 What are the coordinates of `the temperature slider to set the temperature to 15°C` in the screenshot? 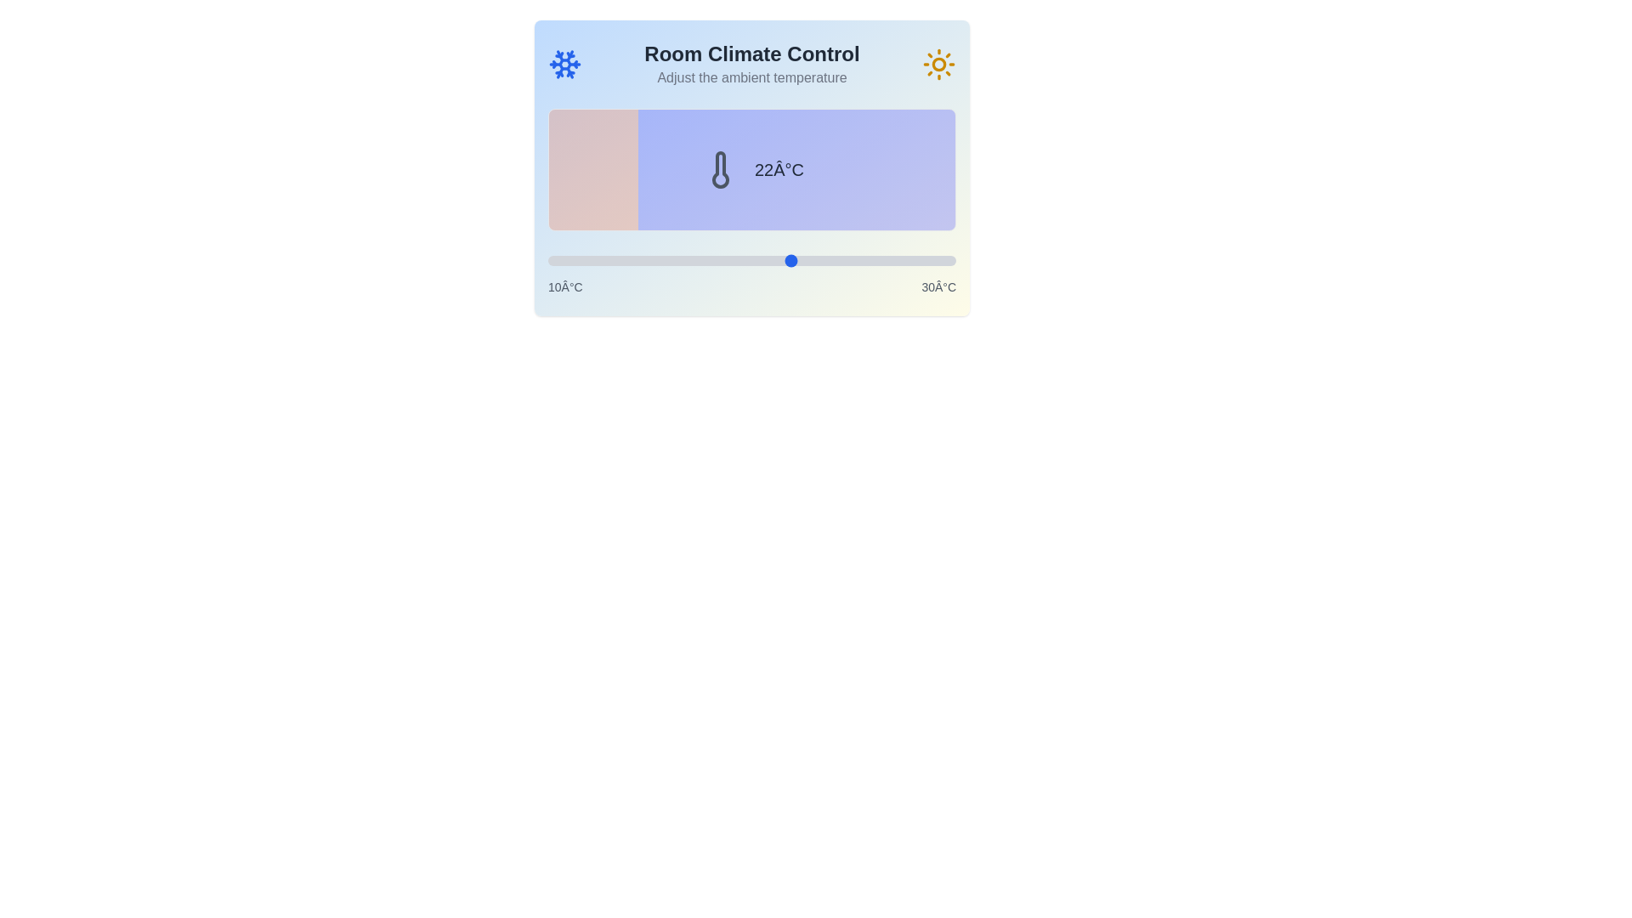 It's located at (649, 261).